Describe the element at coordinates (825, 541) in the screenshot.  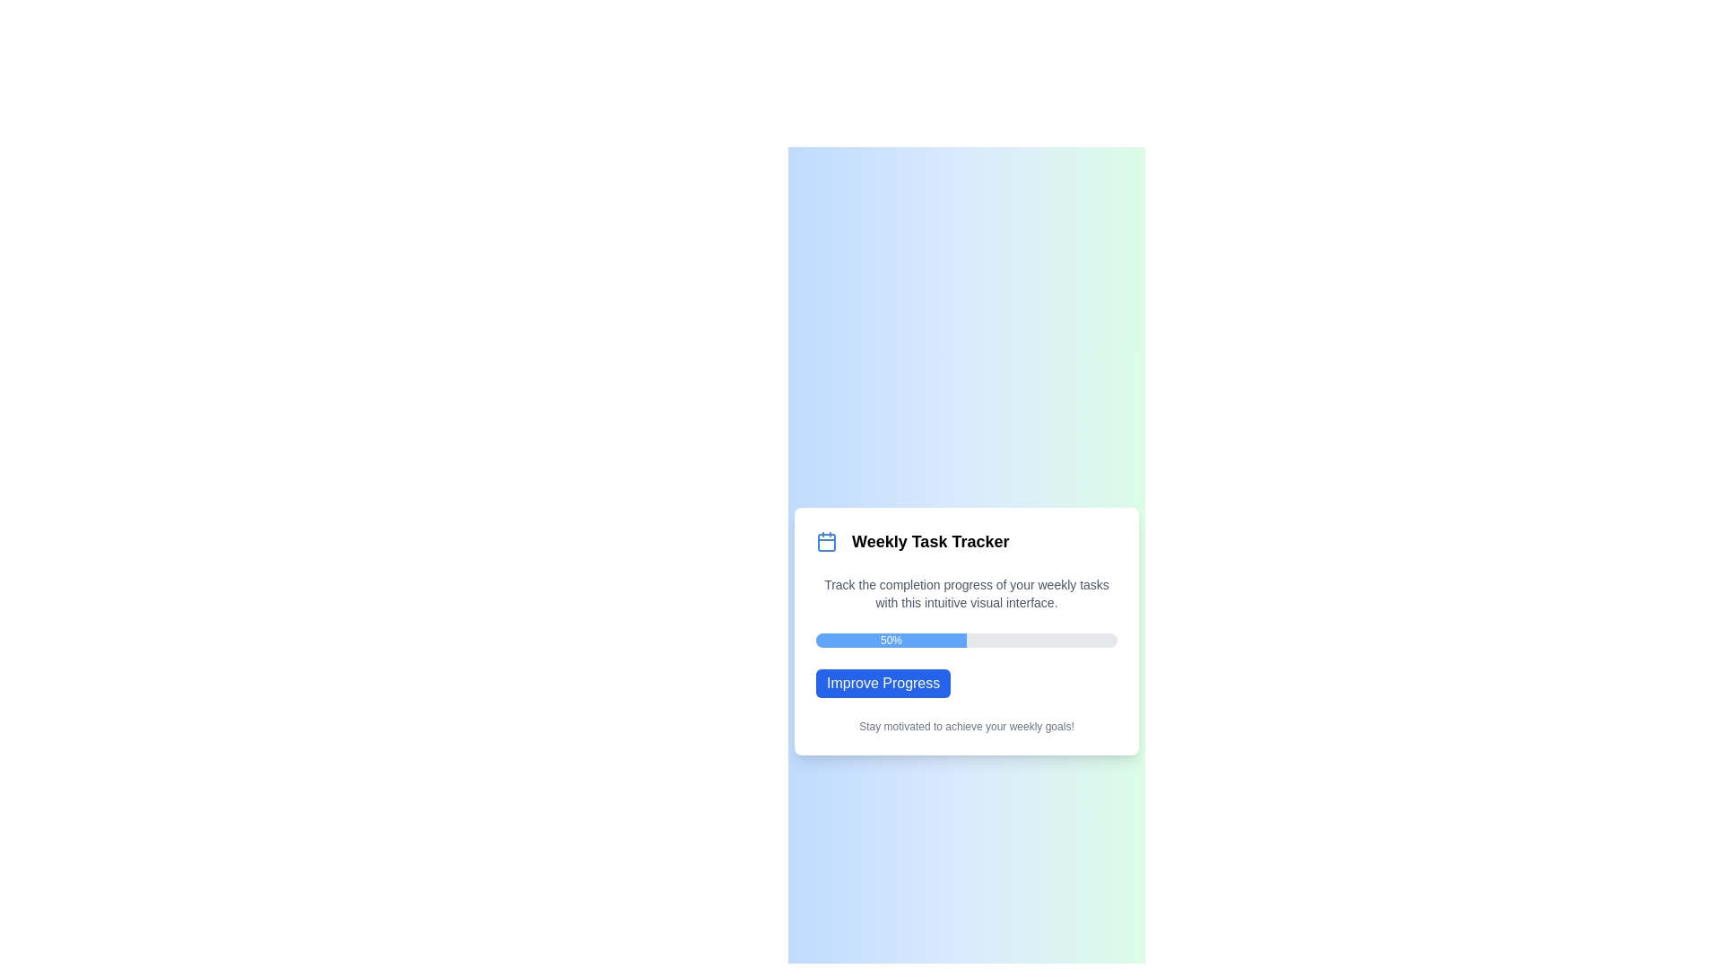
I see `the calendar icon with a blue outline that is located to the left of the text 'Weekly Task Tracker'` at that location.